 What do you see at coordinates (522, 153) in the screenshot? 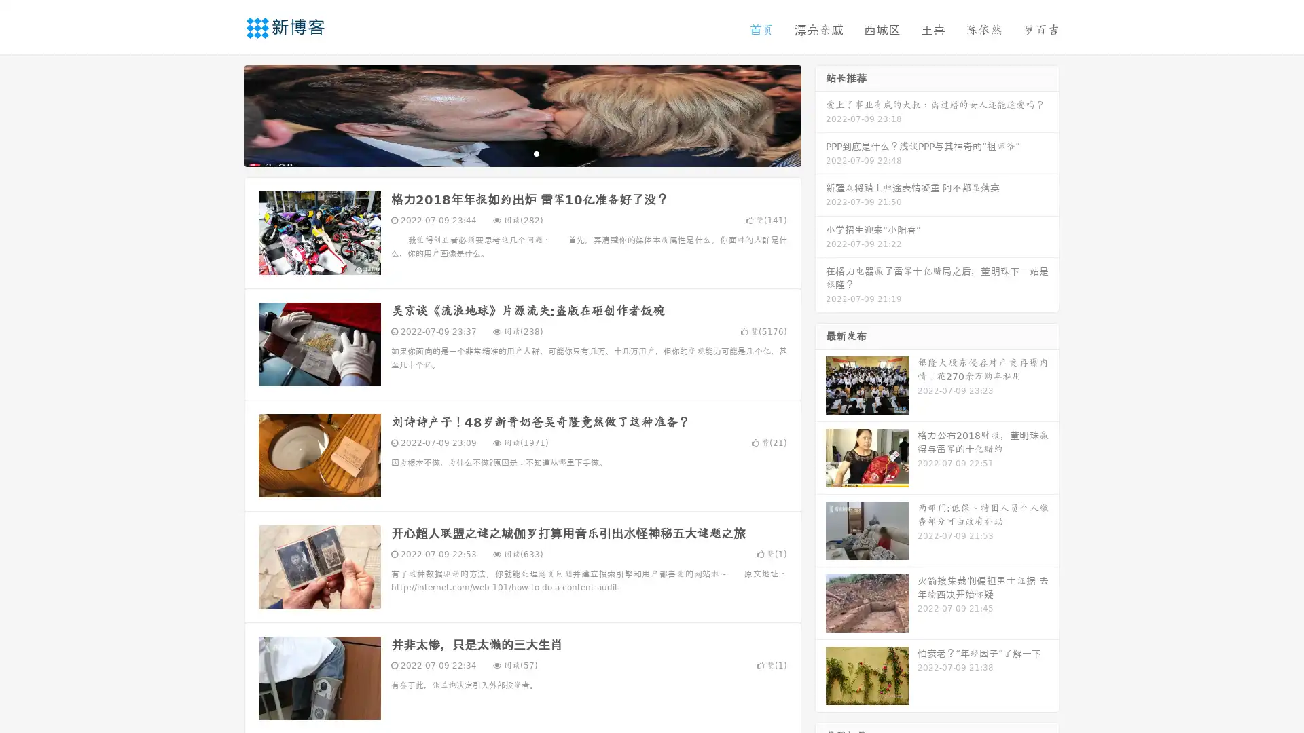
I see `Go to slide 2` at bounding box center [522, 153].